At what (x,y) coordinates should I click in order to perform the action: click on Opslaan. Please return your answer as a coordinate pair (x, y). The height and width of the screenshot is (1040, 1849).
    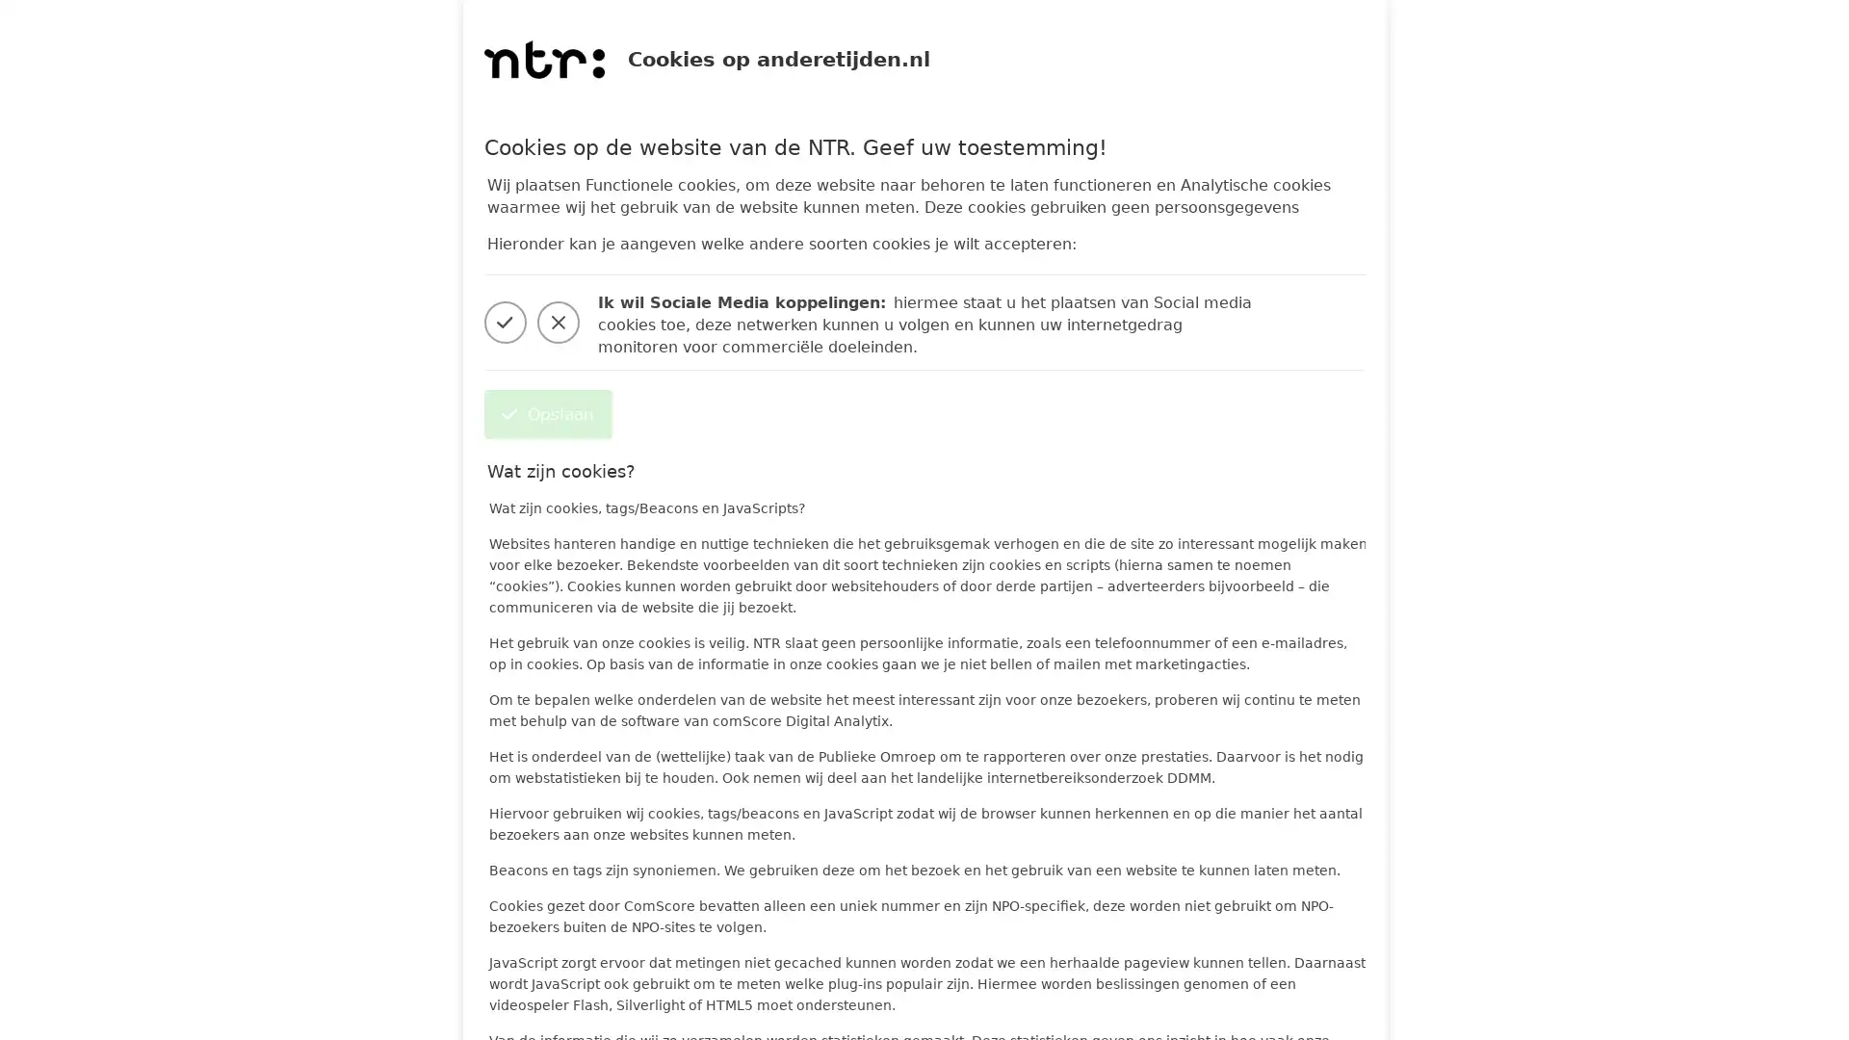
    Looking at the image, I should click on (546, 413).